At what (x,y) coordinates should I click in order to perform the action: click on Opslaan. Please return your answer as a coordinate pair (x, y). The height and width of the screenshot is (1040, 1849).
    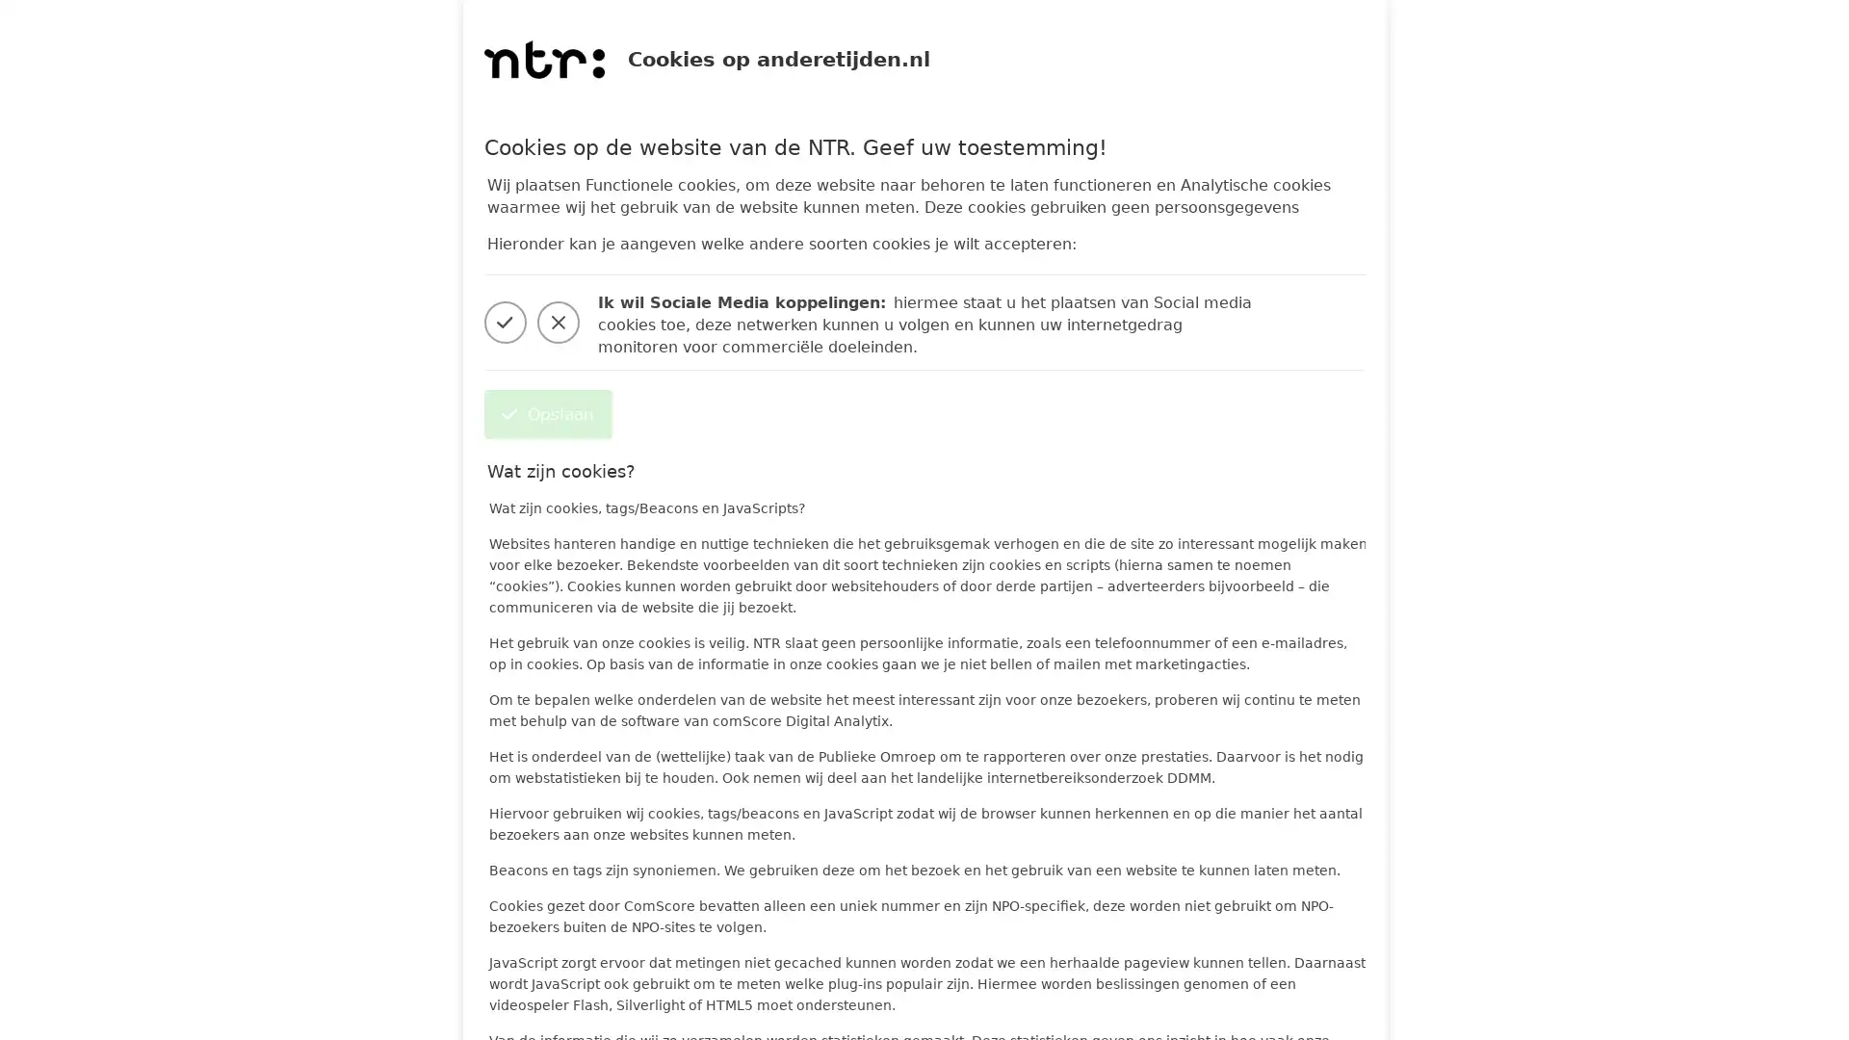
    Looking at the image, I should click on (546, 413).